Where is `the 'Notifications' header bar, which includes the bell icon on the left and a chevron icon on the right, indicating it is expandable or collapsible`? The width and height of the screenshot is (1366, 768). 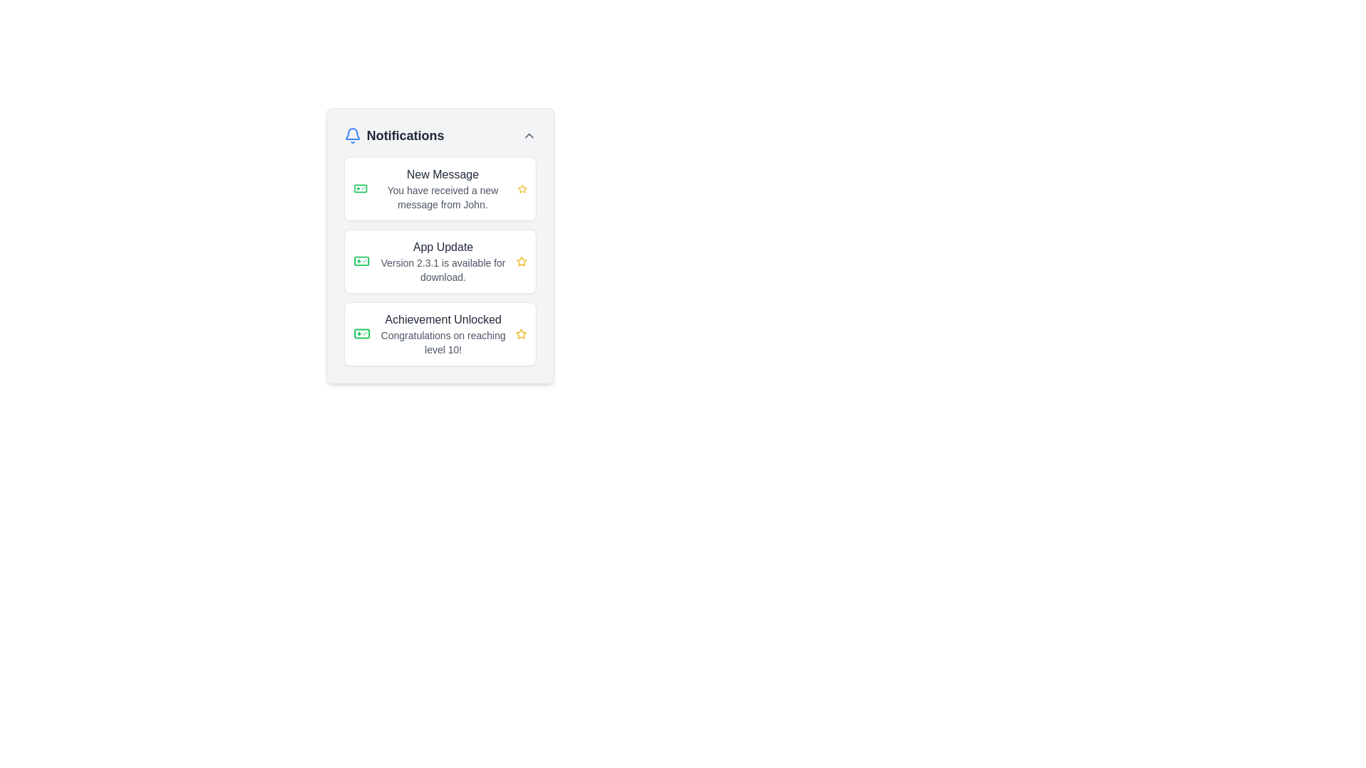
the 'Notifications' header bar, which includes the bell icon on the left and a chevron icon on the right, indicating it is expandable or collapsible is located at coordinates (439, 136).